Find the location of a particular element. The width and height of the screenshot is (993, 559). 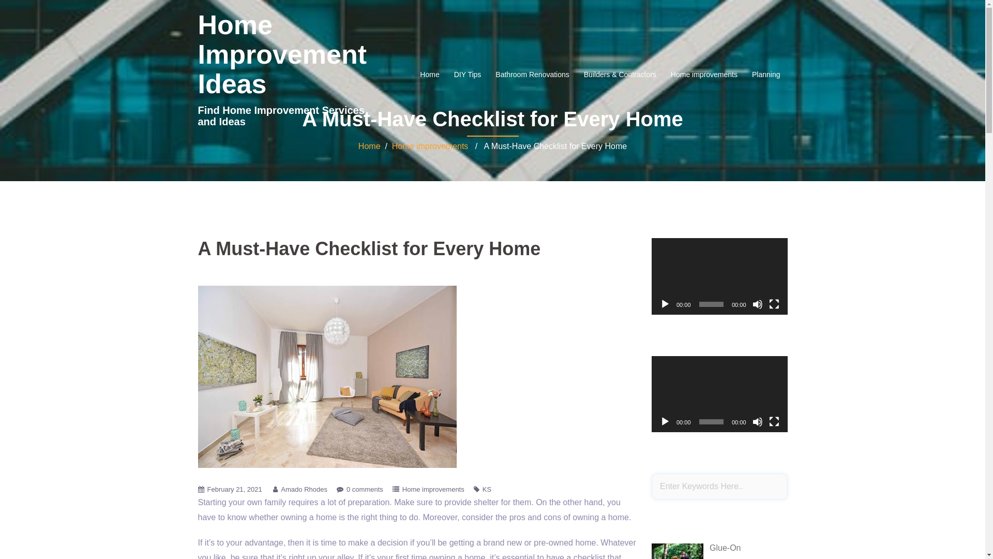

'Fullscreen' is located at coordinates (769, 303).